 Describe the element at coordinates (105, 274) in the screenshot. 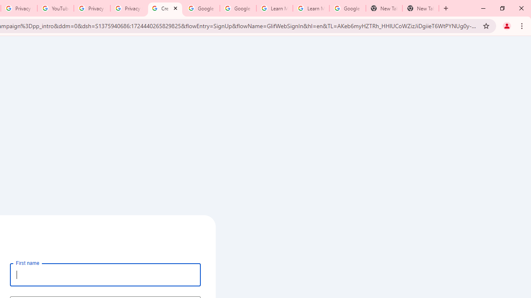

I see `'First name'` at that location.